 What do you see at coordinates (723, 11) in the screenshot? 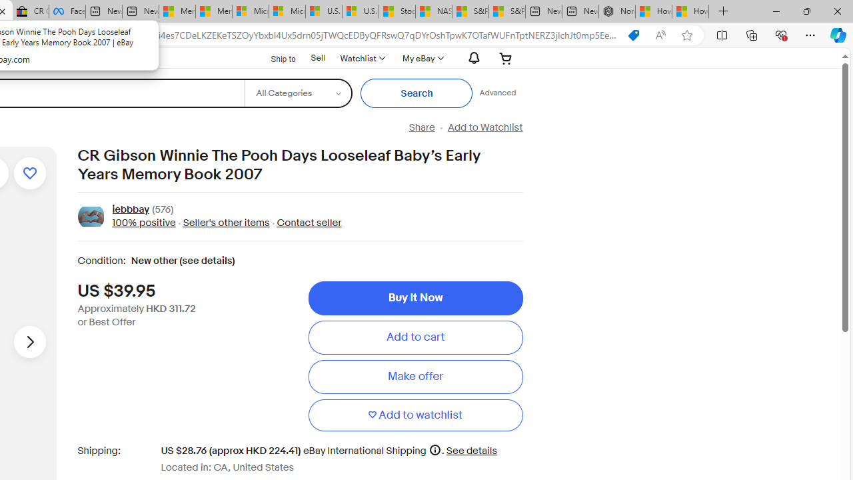
I see `'New Tab'` at bounding box center [723, 11].